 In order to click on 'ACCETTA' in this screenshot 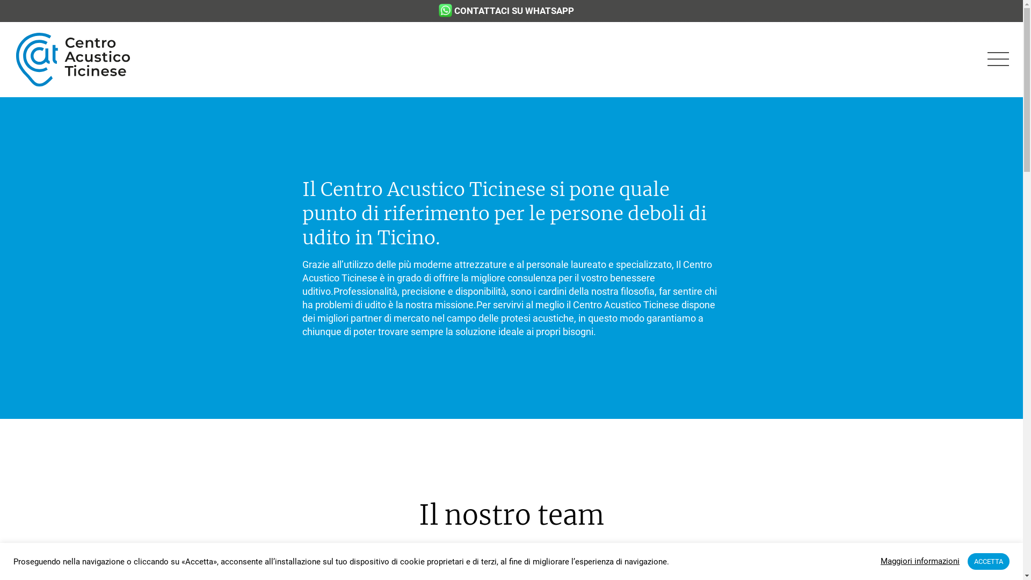, I will do `click(988, 561)`.